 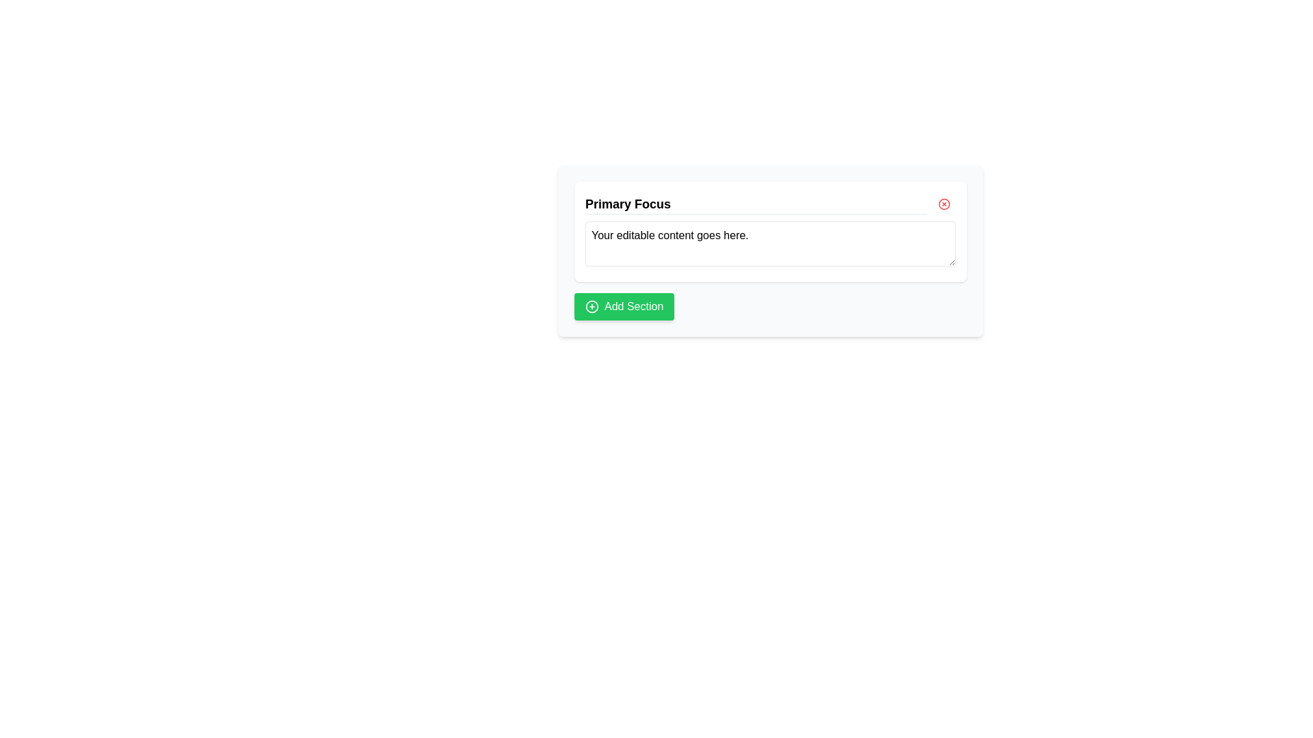 I want to click on the circular icon with a plus sign inside it, which is located within the 'Add Section' button, to the left of the text inside the button, so click(x=592, y=305).